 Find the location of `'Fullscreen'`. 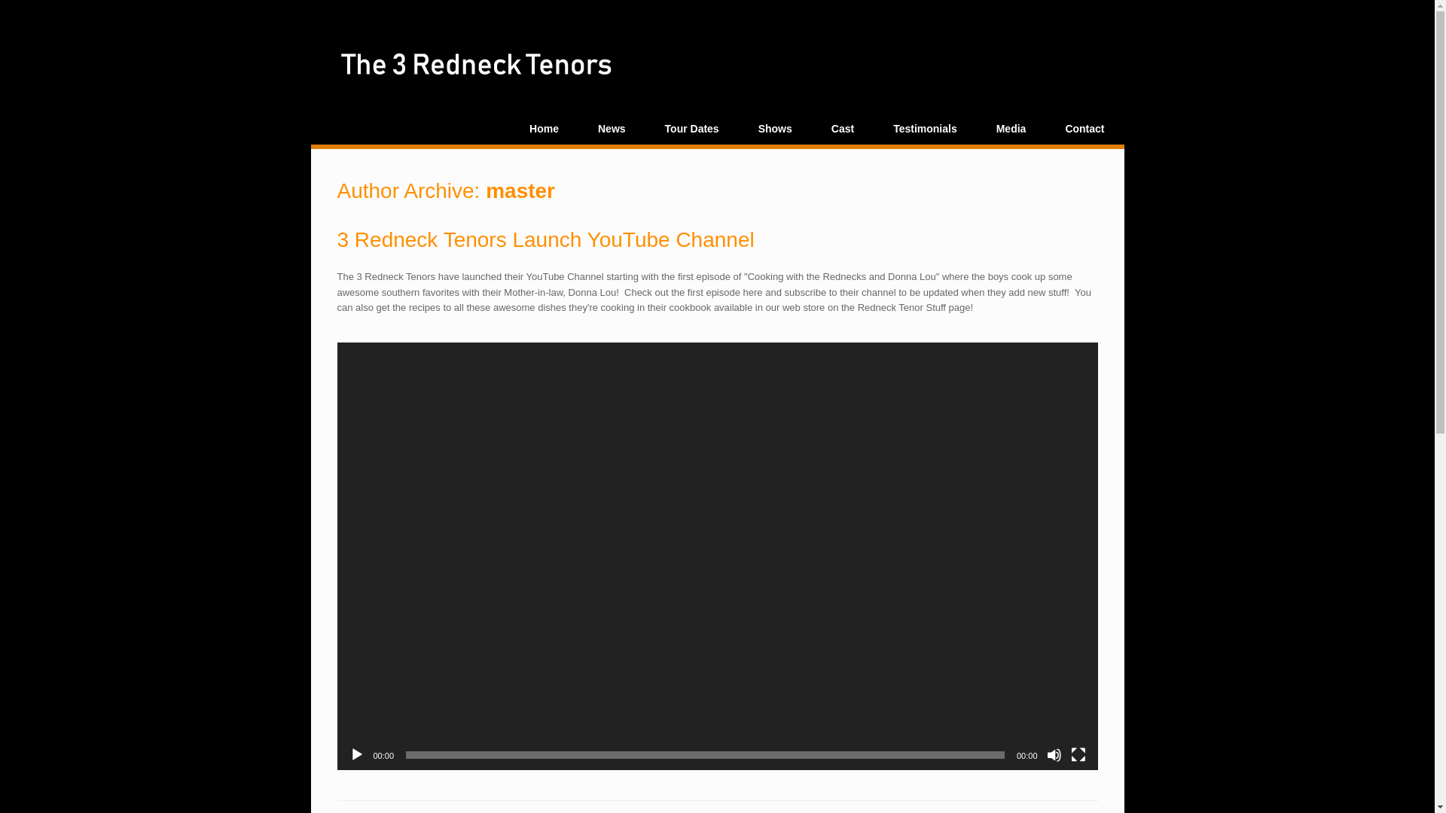

'Fullscreen' is located at coordinates (1077, 754).